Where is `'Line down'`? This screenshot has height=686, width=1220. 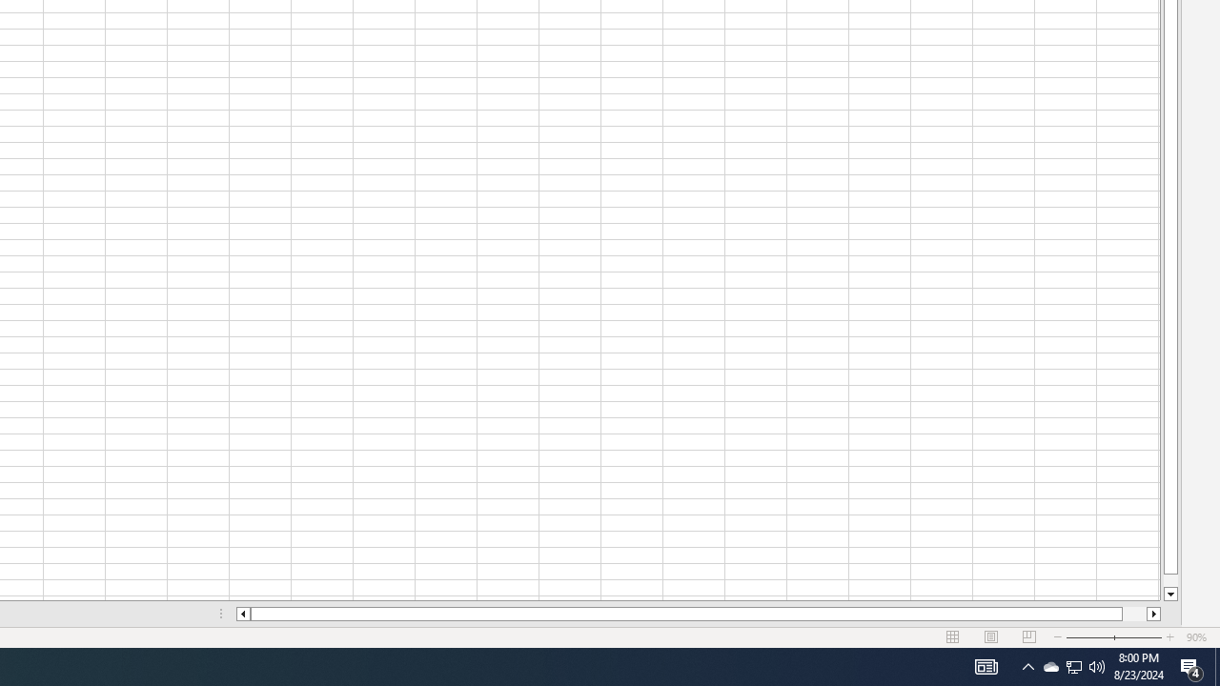 'Line down' is located at coordinates (1169, 594).